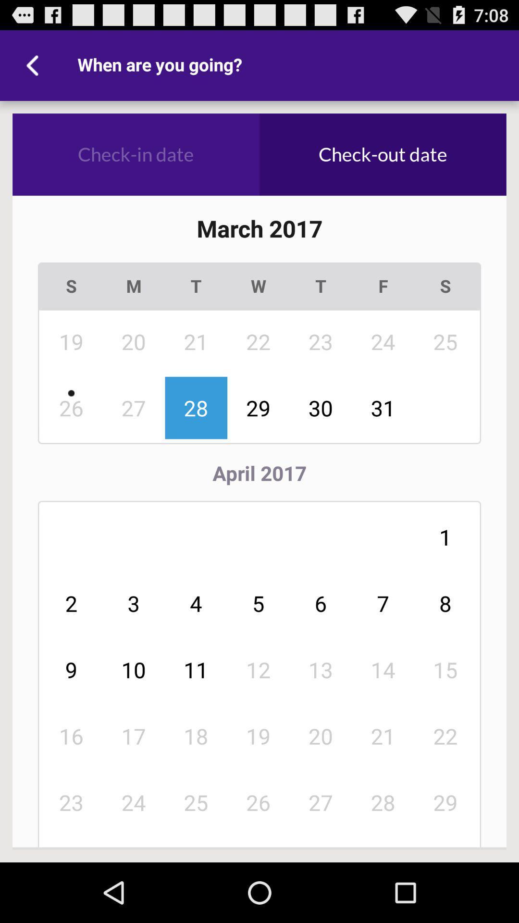 Image resolution: width=519 pixels, height=923 pixels. Describe the element at coordinates (321, 669) in the screenshot. I see `the item below the 5` at that location.